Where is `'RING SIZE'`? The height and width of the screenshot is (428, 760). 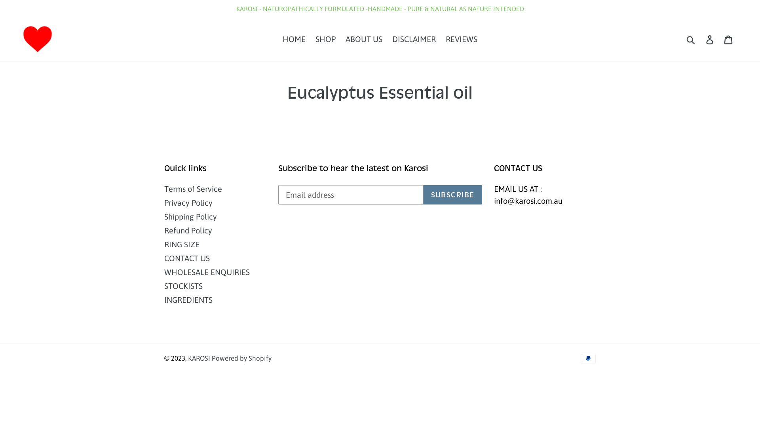 'RING SIZE' is located at coordinates (163, 244).